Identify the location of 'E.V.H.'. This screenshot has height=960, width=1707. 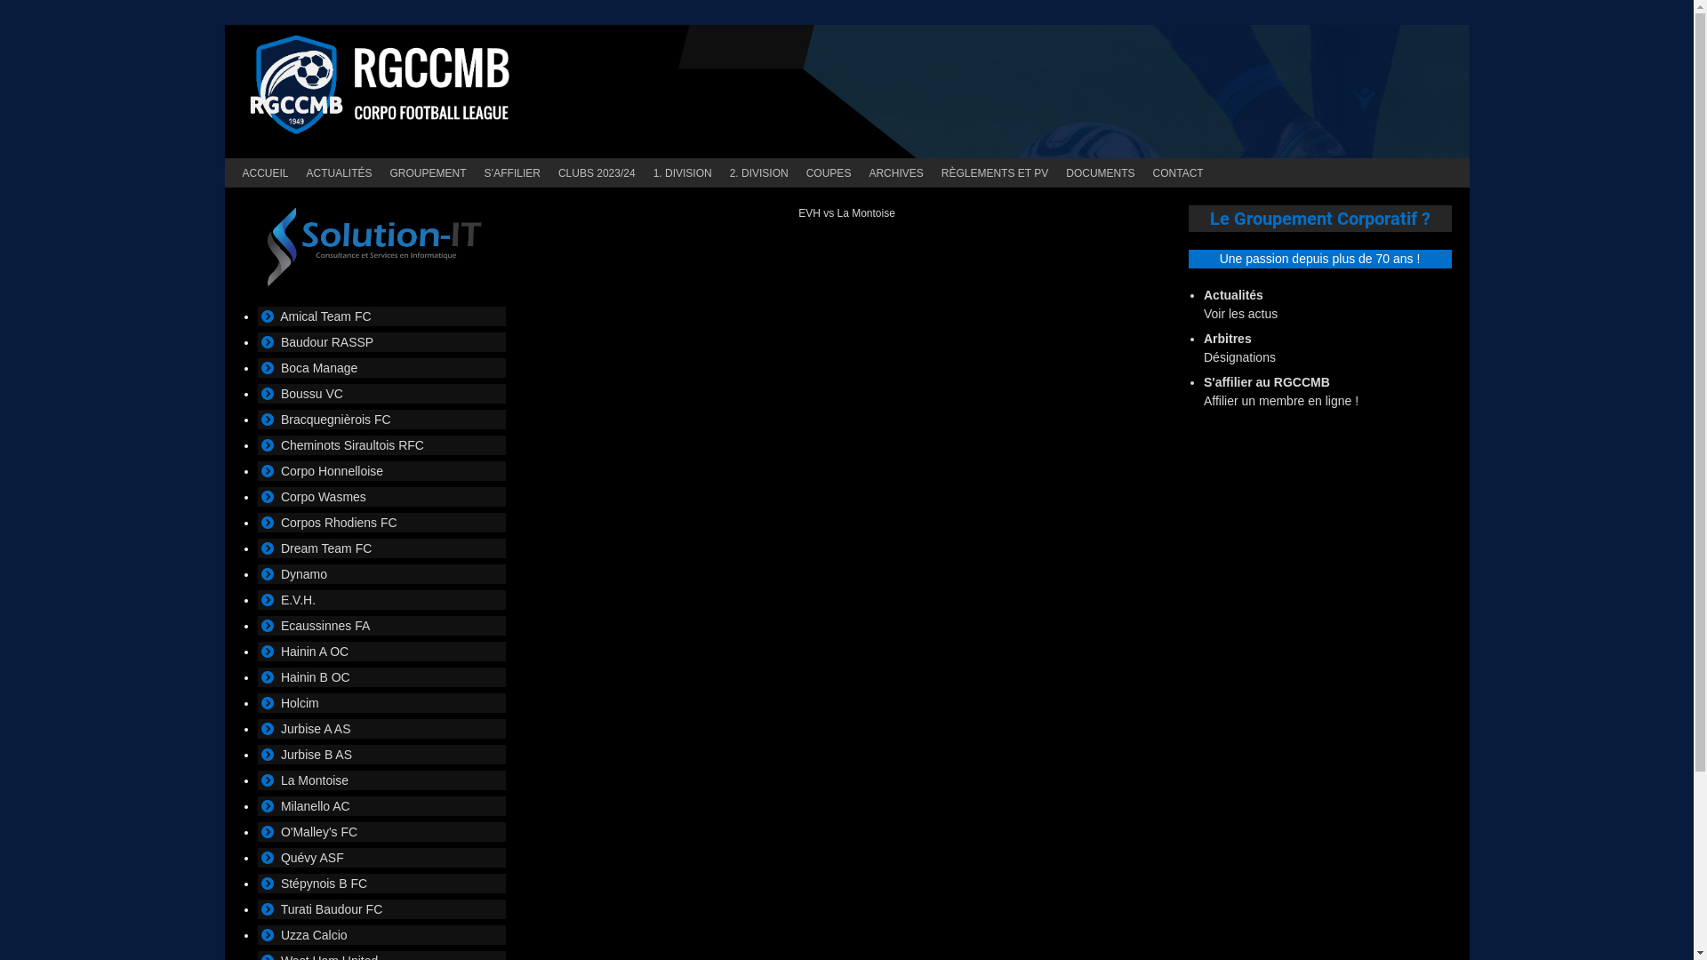
(298, 600).